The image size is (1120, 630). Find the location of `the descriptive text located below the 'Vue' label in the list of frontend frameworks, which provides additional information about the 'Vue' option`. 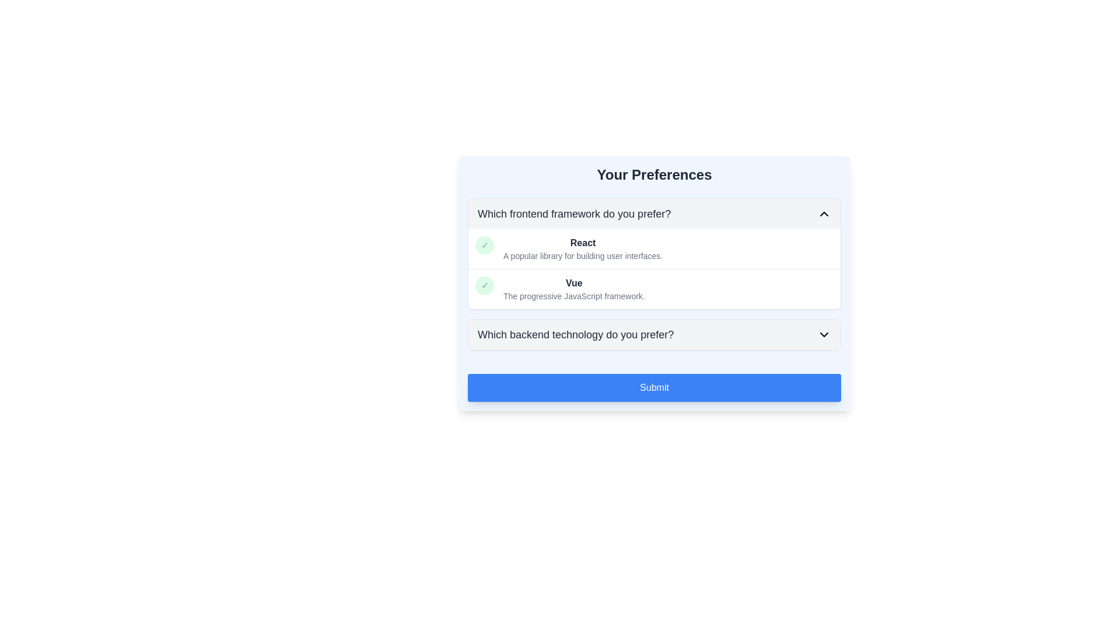

the descriptive text located below the 'Vue' label in the list of frontend frameworks, which provides additional information about the 'Vue' option is located at coordinates (574, 296).